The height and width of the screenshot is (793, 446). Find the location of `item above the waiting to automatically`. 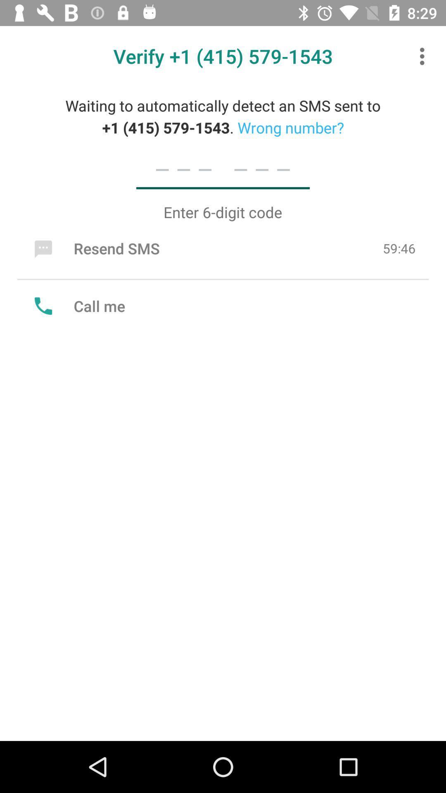

item above the waiting to automatically is located at coordinates (424, 56).